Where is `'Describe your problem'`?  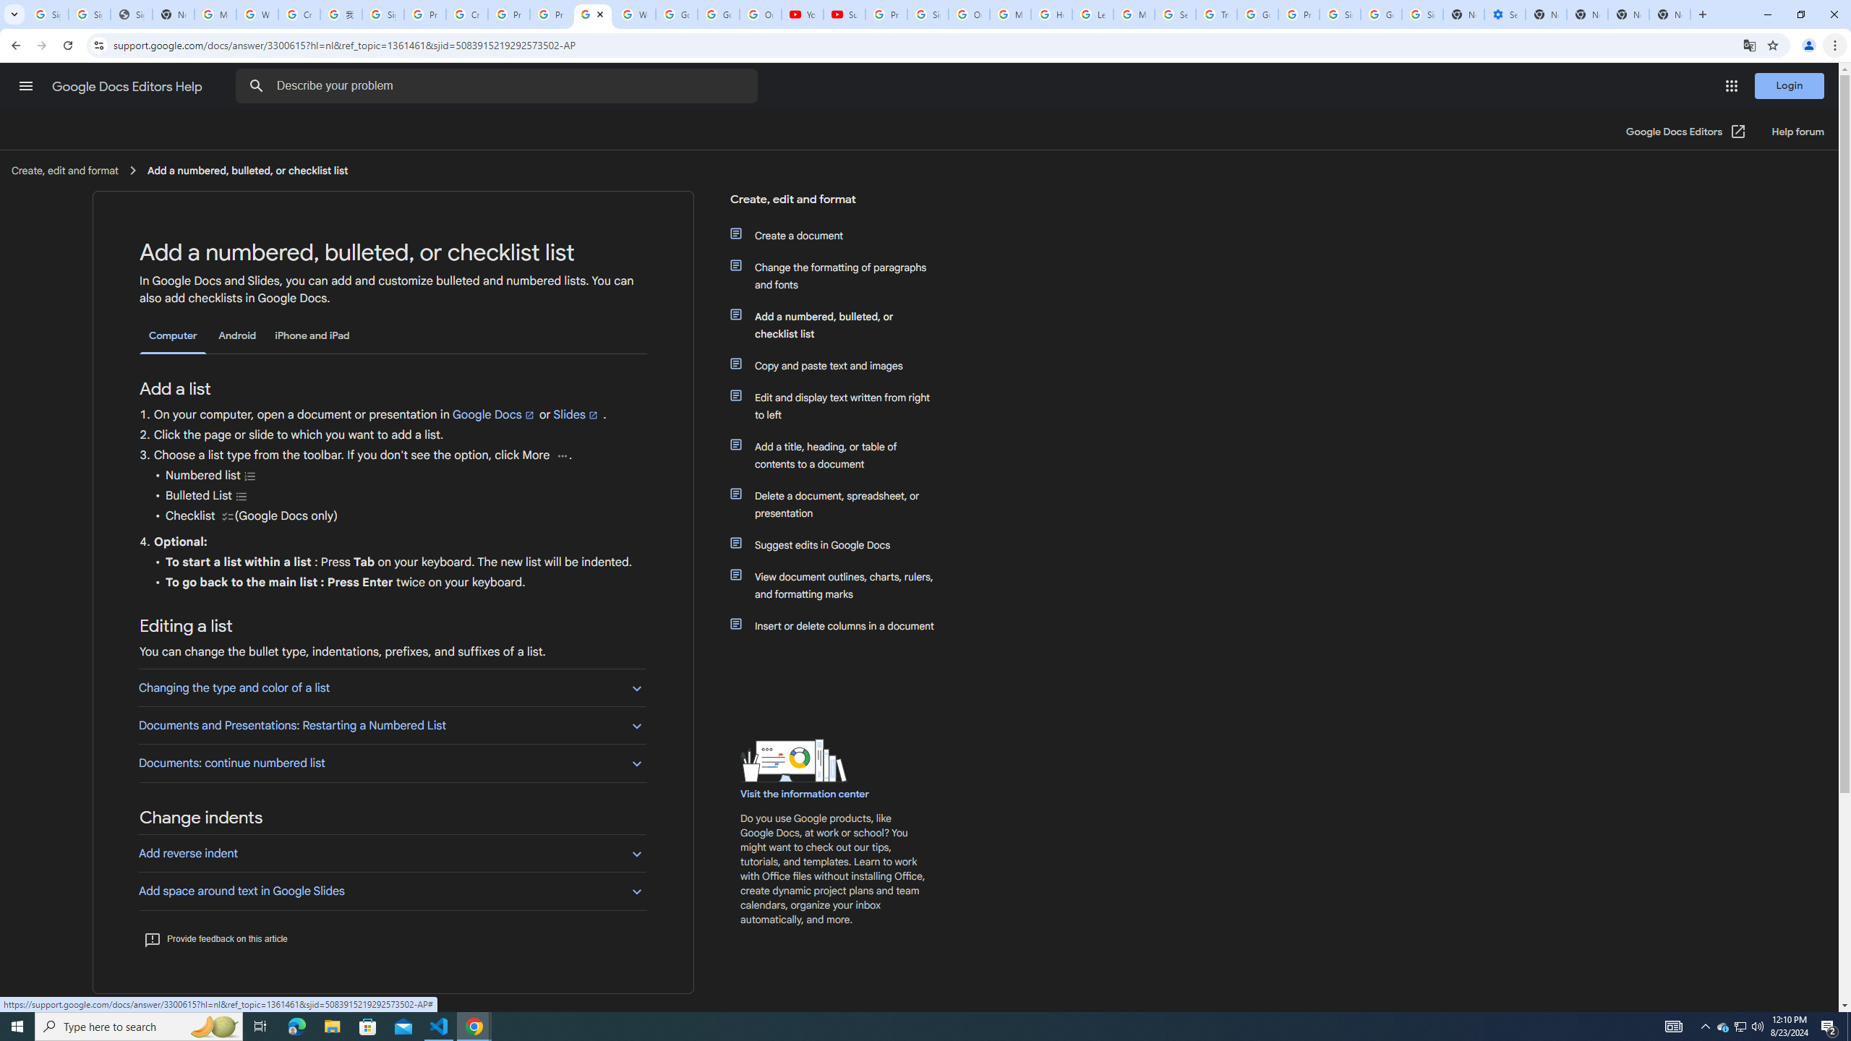
'Describe your problem' is located at coordinates (497, 85).